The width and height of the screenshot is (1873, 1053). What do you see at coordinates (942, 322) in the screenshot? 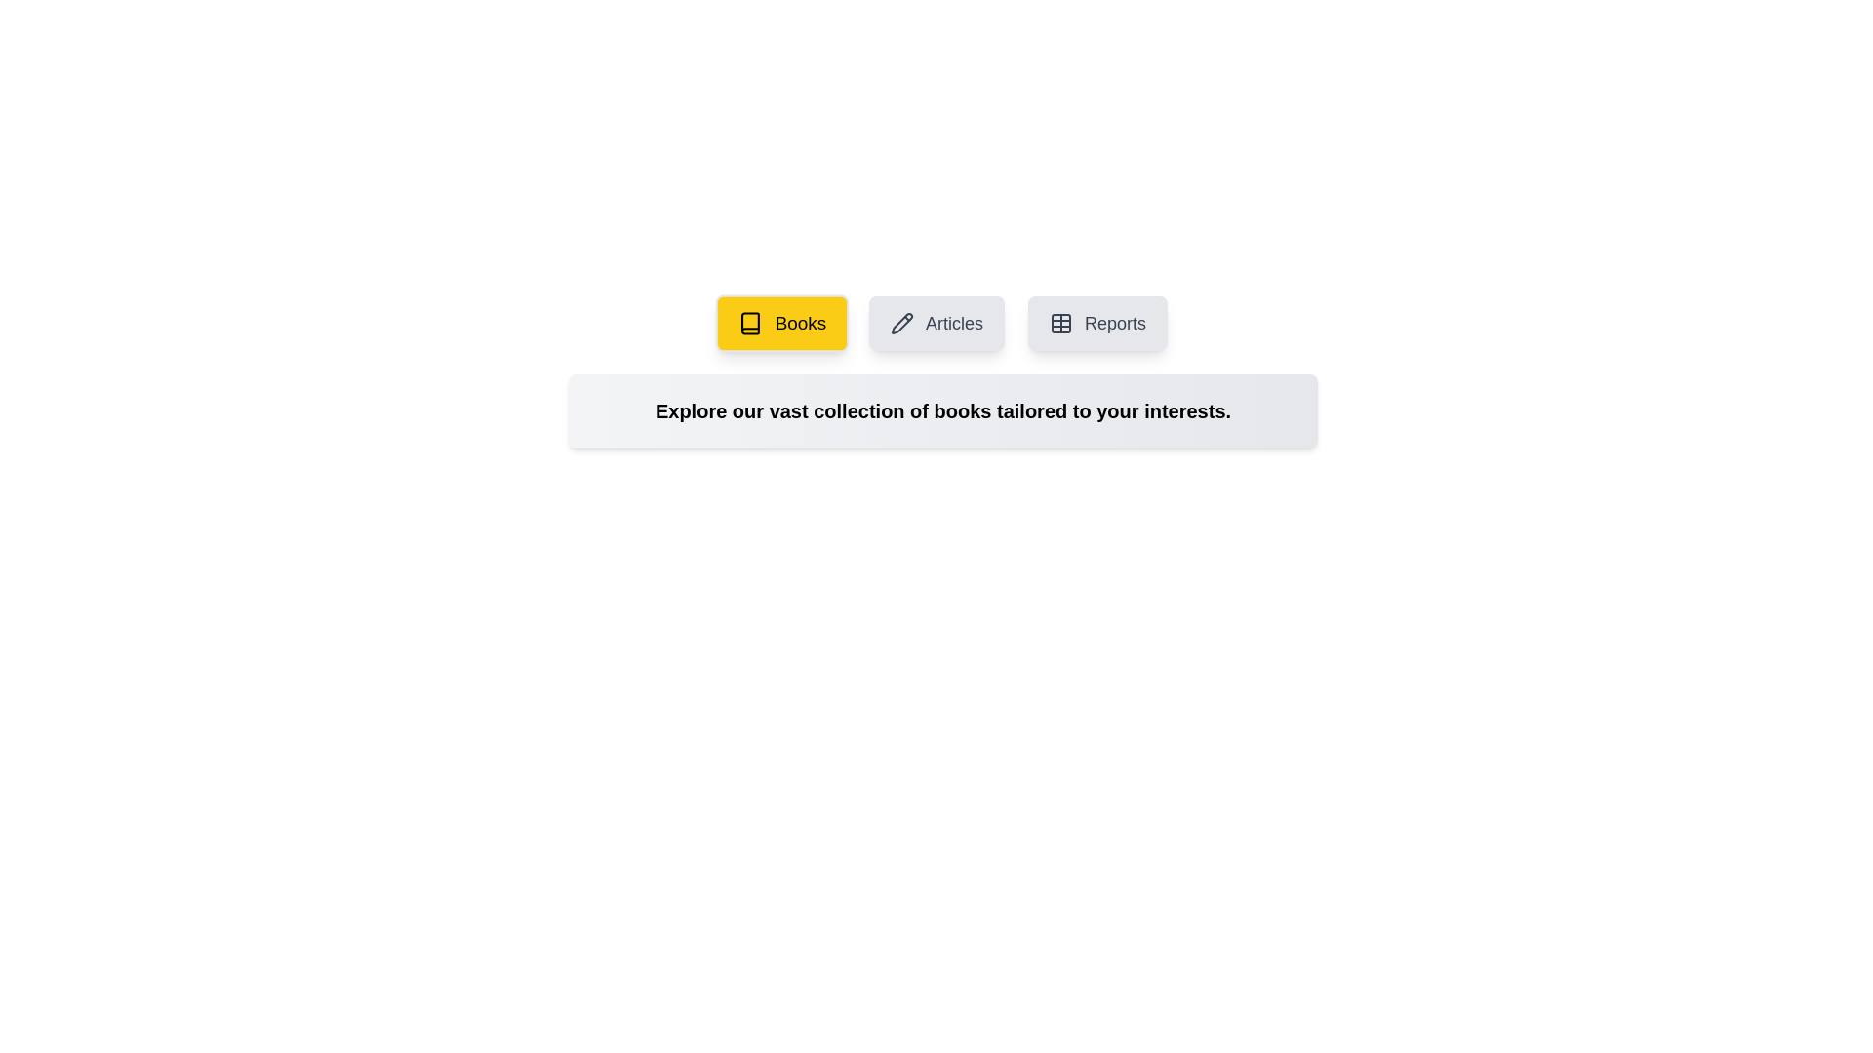
I see `the interactive buttons in the Navigation menu` at bounding box center [942, 322].